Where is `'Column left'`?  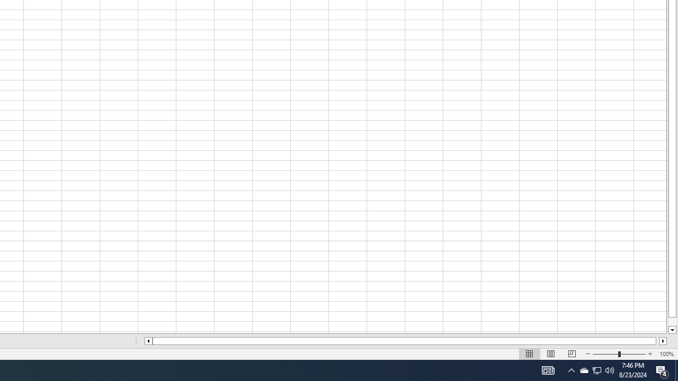 'Column left' is located at coordinates (147, 341).